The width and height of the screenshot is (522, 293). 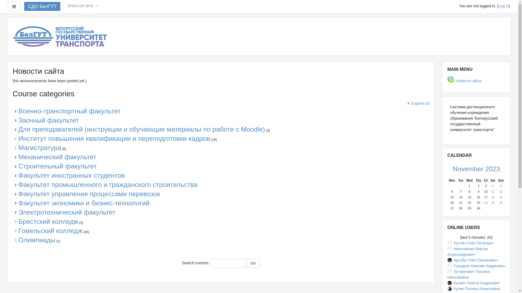 I want to click on 'ENGLISH (EN)', so click(x=82, y=6).